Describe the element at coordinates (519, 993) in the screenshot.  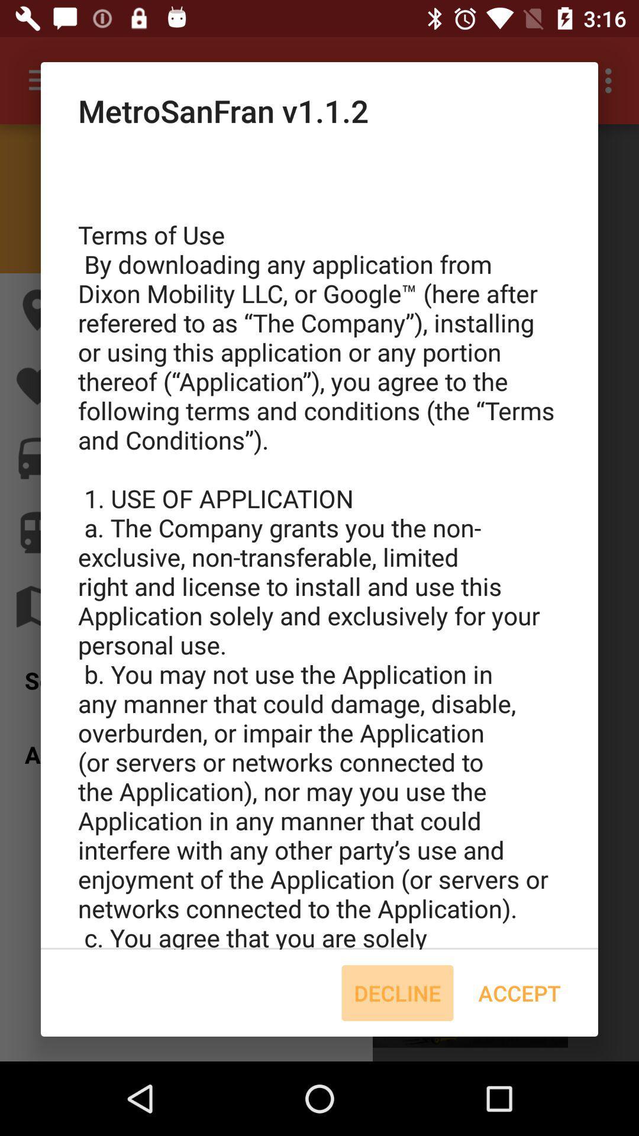
I see `accept icon` at that location.